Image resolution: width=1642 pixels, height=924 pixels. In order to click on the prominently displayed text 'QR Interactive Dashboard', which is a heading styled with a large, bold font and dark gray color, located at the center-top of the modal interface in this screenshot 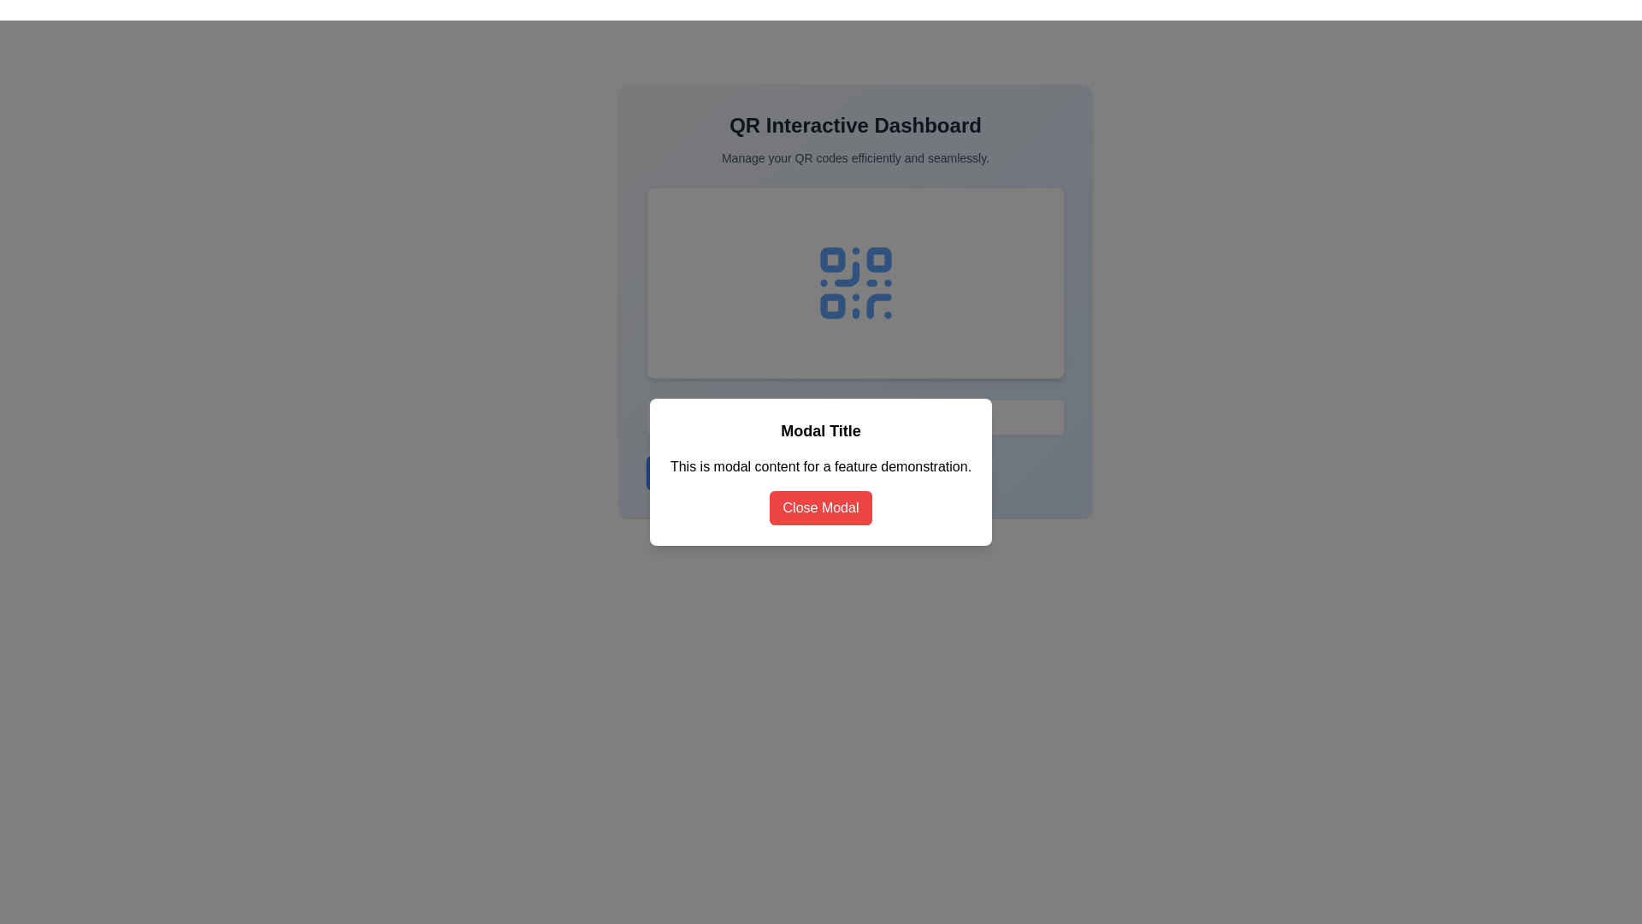, I will do `click(855, 124)`.